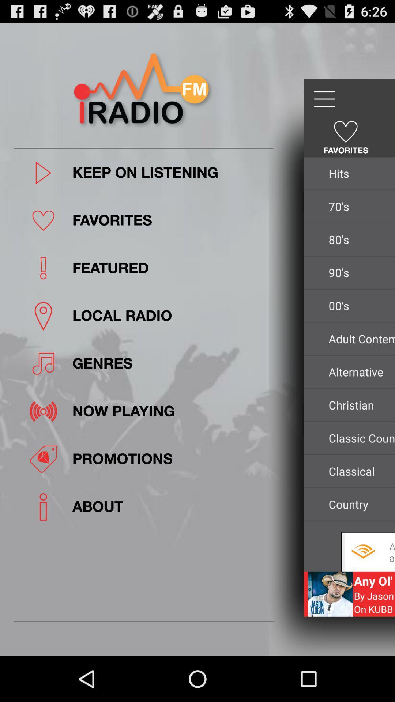 The height and width of the screenshot is (702, 395). What do you see at coordinates (324, 99) in the screenshot?
I see `menu` at bounding box center [324, 99].